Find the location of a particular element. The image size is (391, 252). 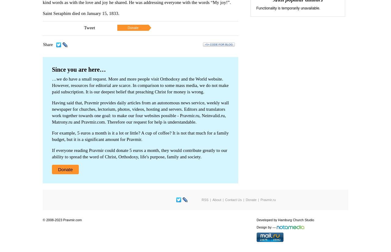

'Saint Seraphim died on January 15, 1833.' is located at coordinates (80, 13).